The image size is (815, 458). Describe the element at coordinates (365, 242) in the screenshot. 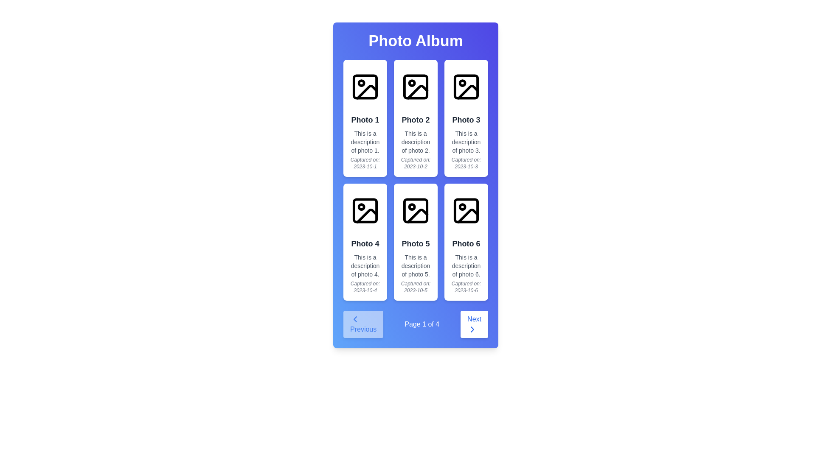

I see `the rectangular card with a white background, containing the text 'Photo 4' and a photo icon, located in the grid layout at the fourth position` at that location.